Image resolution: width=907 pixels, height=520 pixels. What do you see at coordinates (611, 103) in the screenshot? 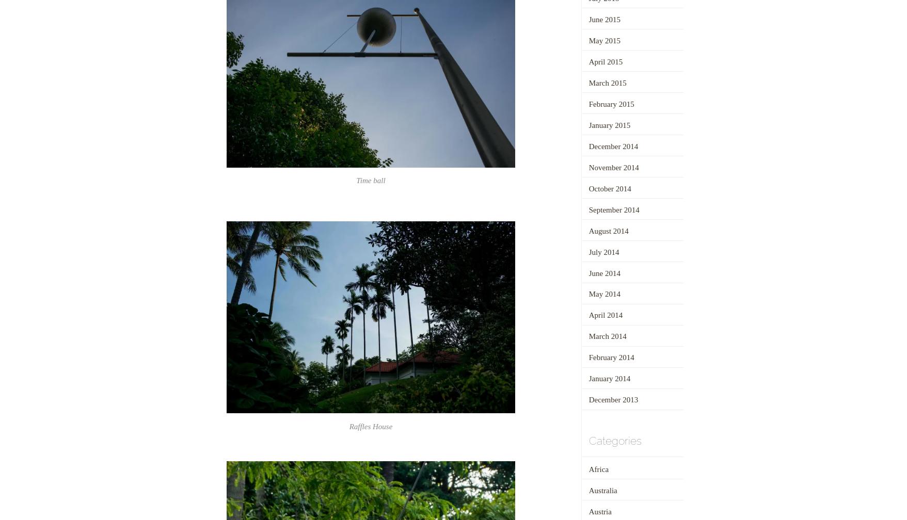
I see `'February 2015'` at bounding box center [611, 103].